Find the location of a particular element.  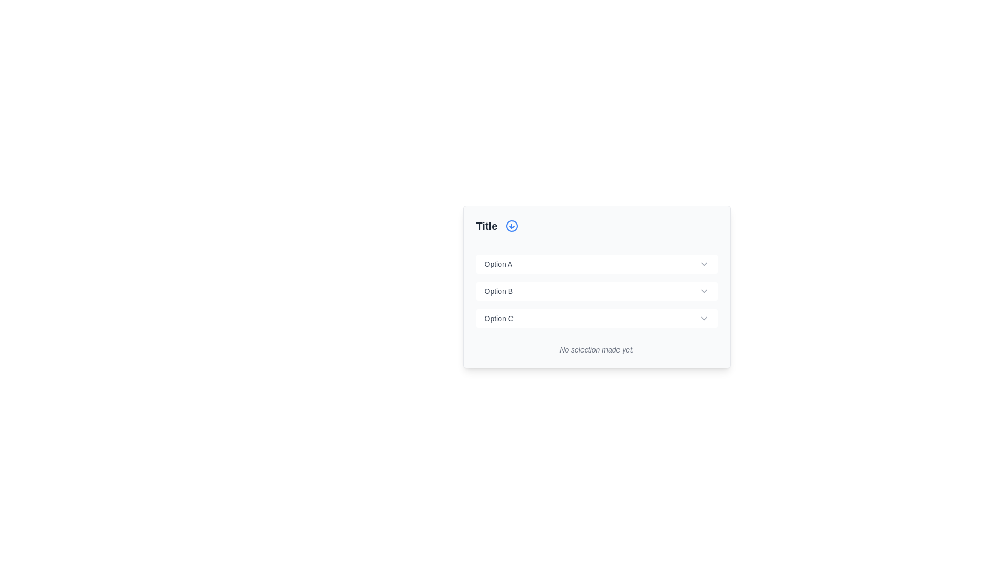

the Dropdown menu item labeled 'Option C' is located at coordinates (597, 318).